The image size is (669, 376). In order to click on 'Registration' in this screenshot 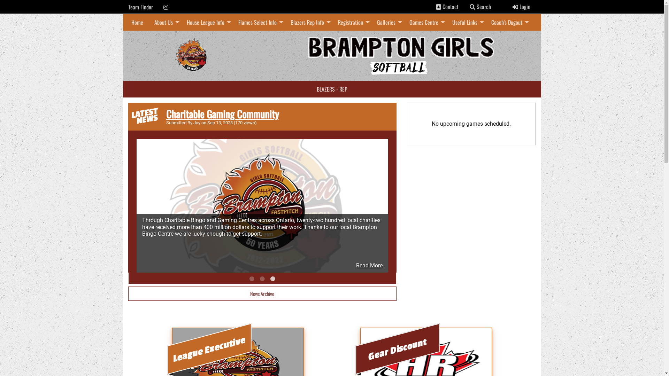, I will do `click(332, 22)`.